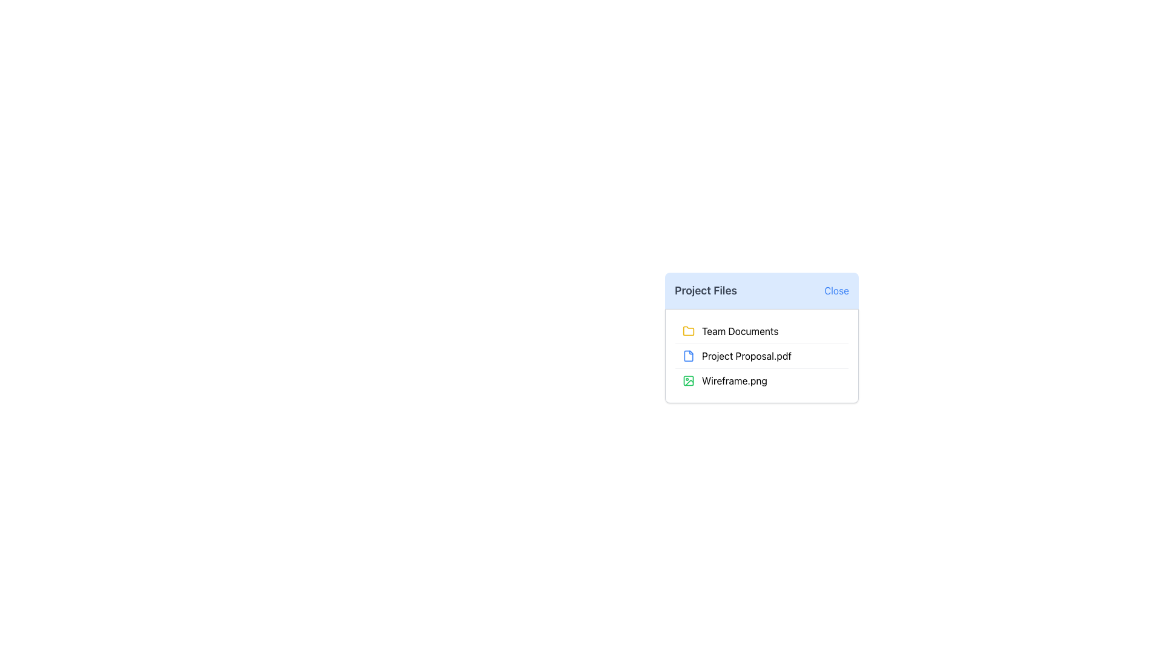 The width and height of the screenshot is (1162, 653). I want to click on the blue document icon located to the left of 'Project Proposal.pdf' in the second row of the 'Project Files' section, so click(688, 356).